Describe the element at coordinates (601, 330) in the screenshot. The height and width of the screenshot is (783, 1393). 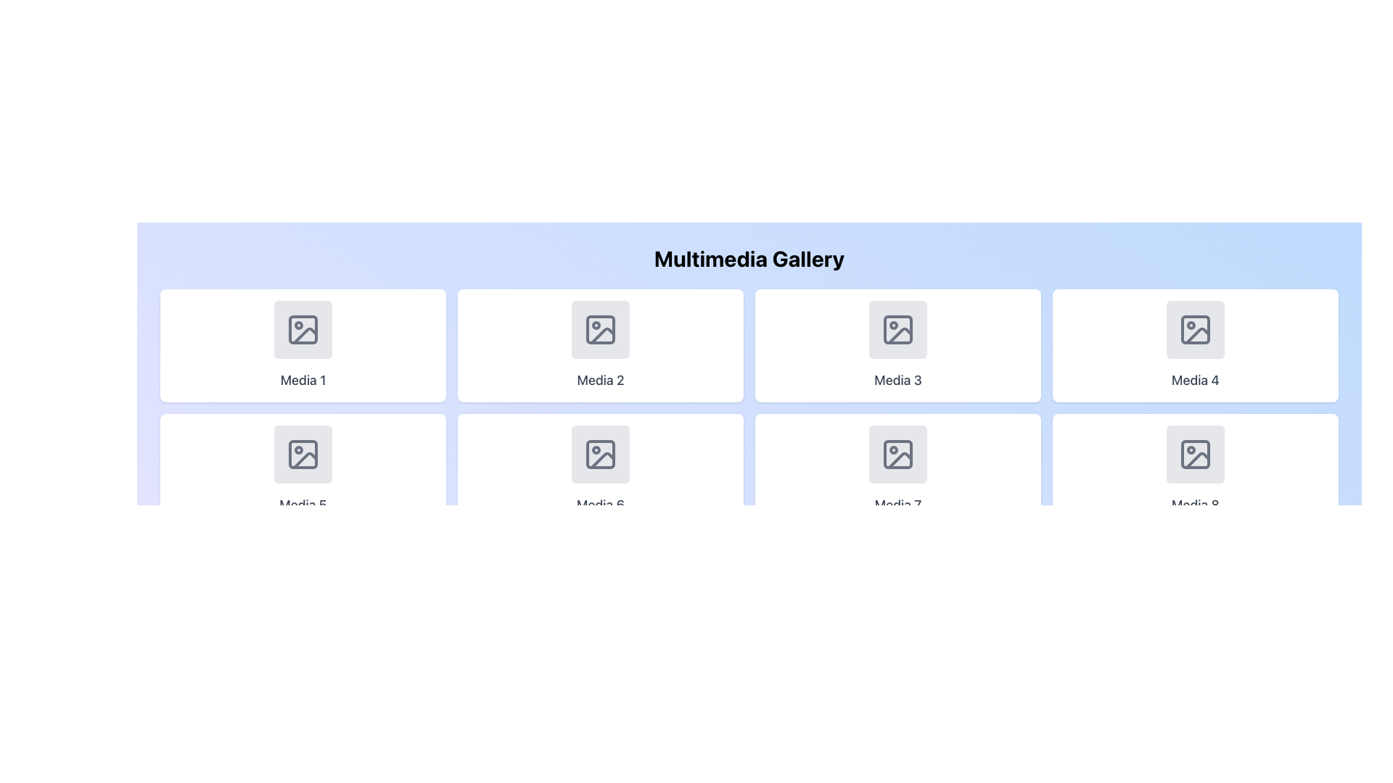
I see `the small square-shaped vector graphic located in the upper-center quadrant of the second image placeholder (Media 2)` at that location.